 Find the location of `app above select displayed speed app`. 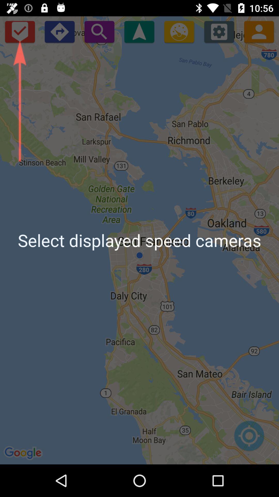

app above select displayed speed app is located at coordinates (179, 31).